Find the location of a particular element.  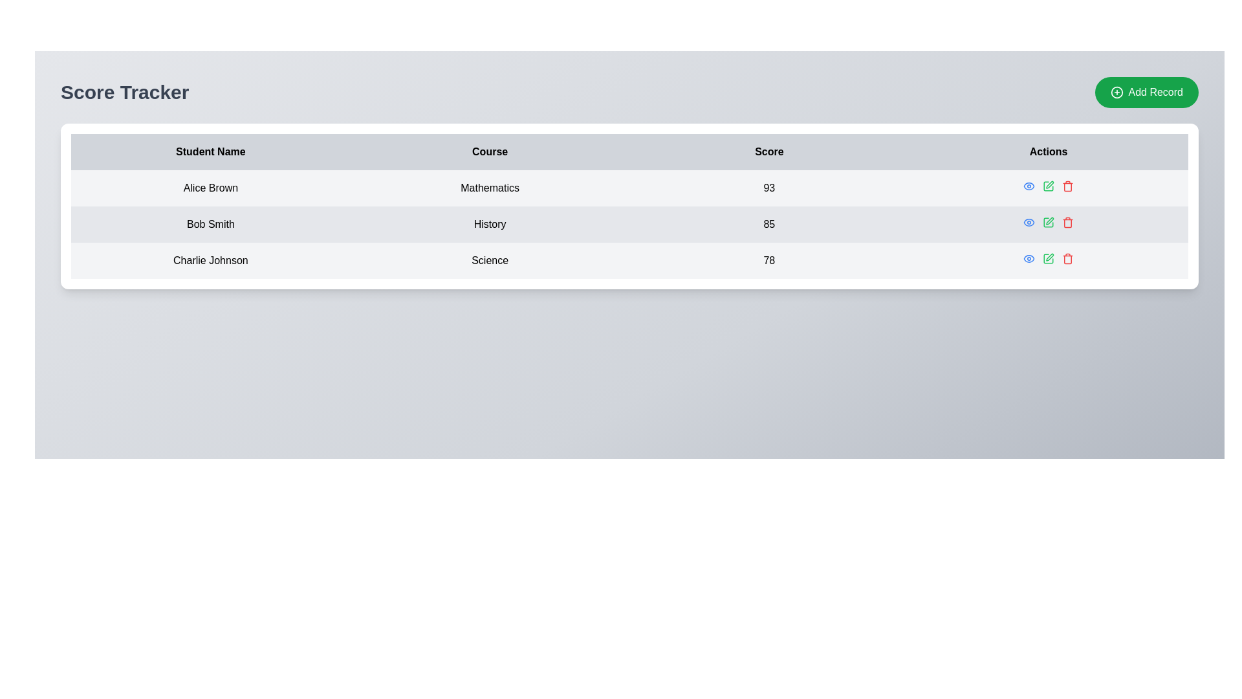

the blue eye-shaped button in the 'Actions' column of the student scores table is located at coordinates (1028, 259).